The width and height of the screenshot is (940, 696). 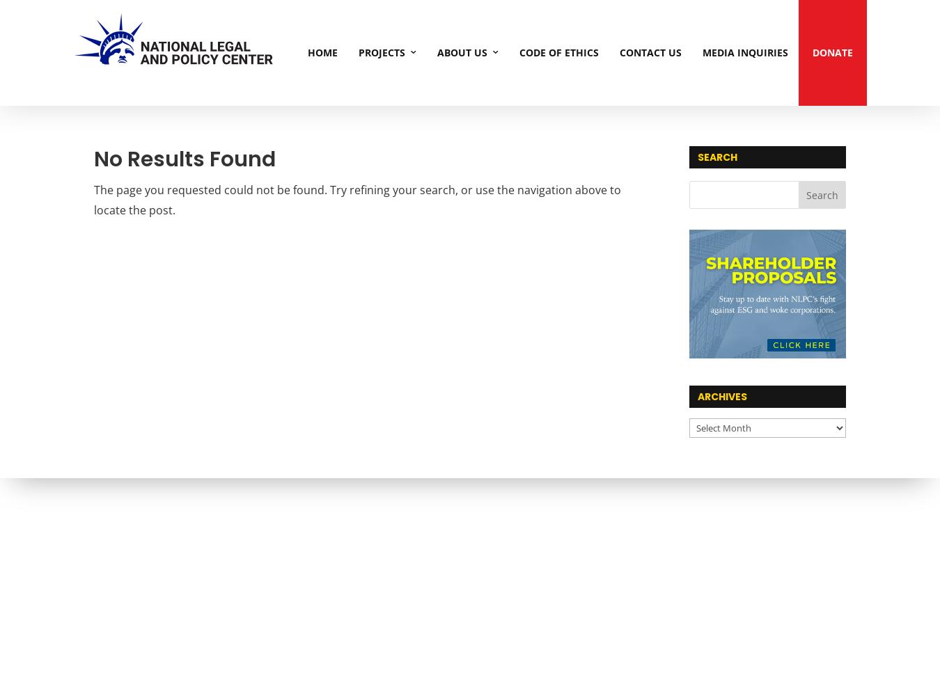 I want to click on 'Contact Us', so click(x=620, y=52).